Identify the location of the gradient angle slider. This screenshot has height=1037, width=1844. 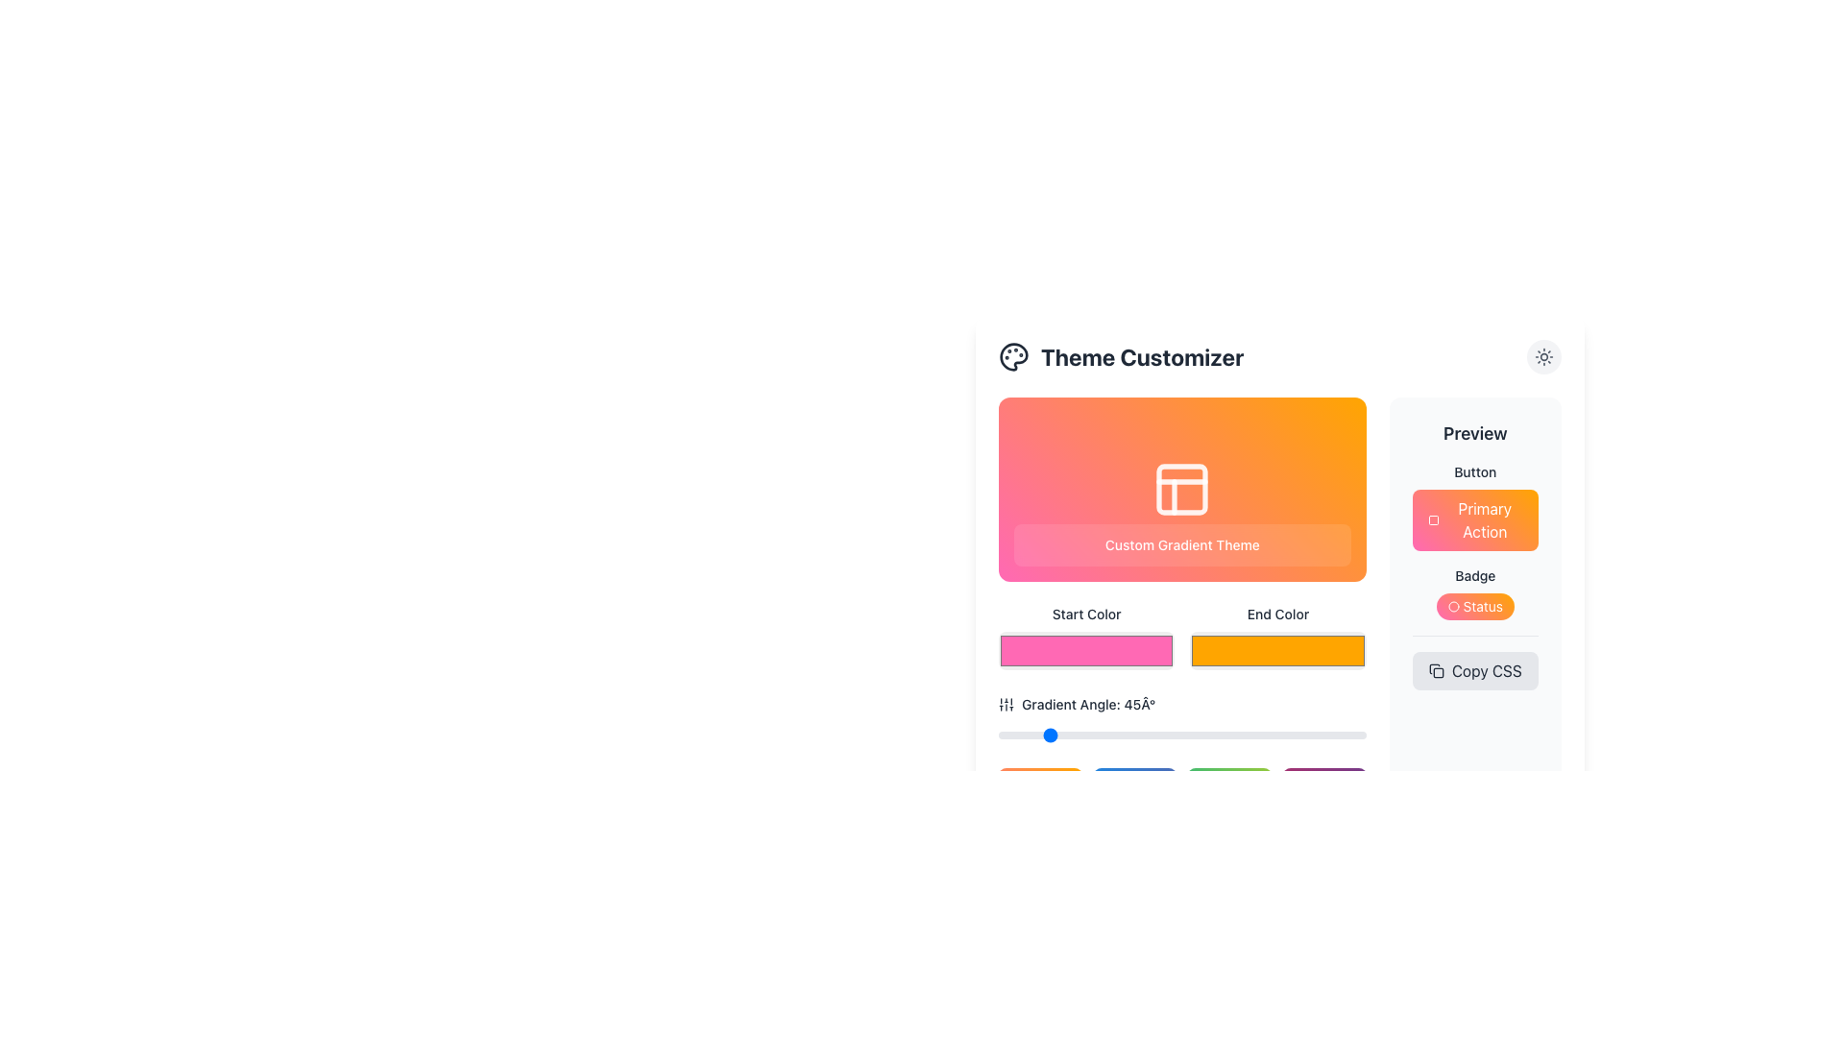
(1113, 735).